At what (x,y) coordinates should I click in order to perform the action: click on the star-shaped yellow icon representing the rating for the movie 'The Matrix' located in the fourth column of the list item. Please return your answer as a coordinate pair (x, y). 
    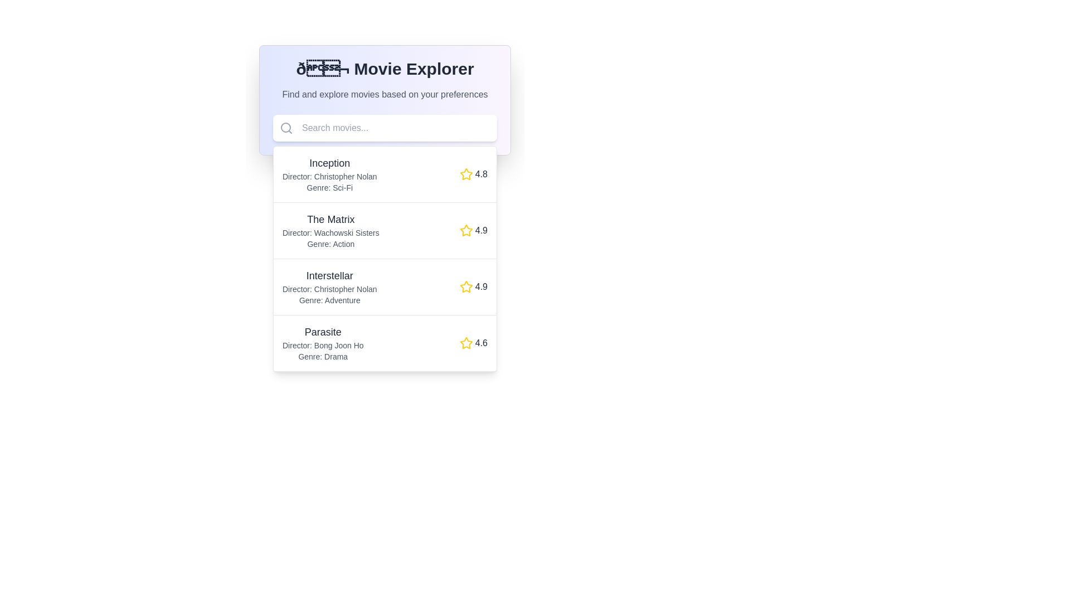
    Looking at the image, I should click on (466, 230).